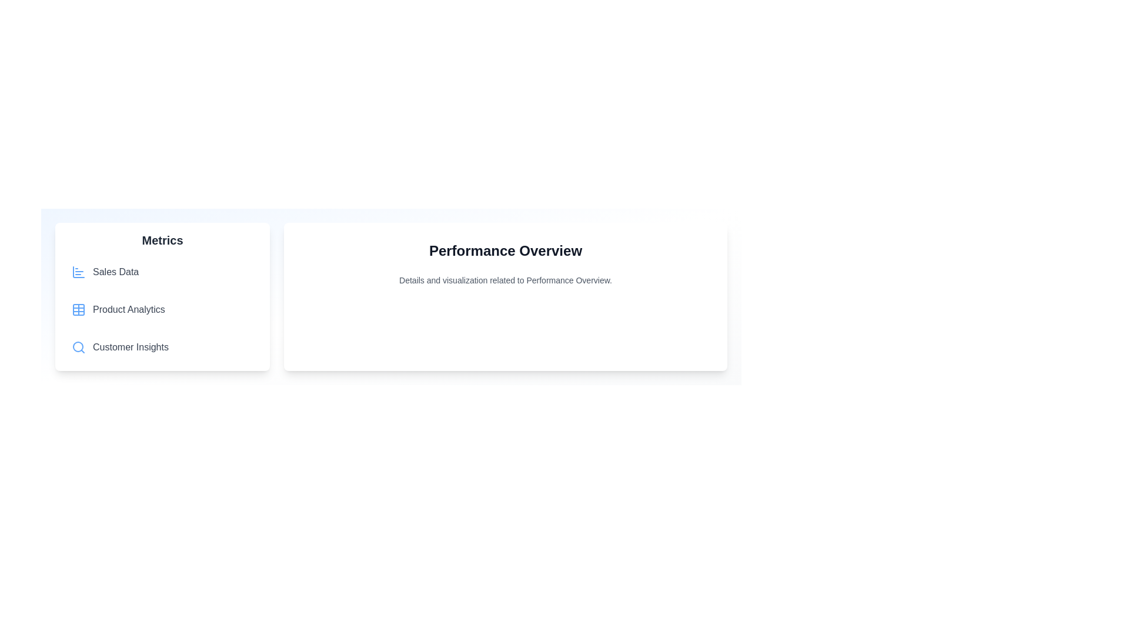 The width and height of the screenshot is (1129, 635). I want to click on the second menu item labeled 'Product Analytics' within the 'Metrics' section, so click(129, 309).